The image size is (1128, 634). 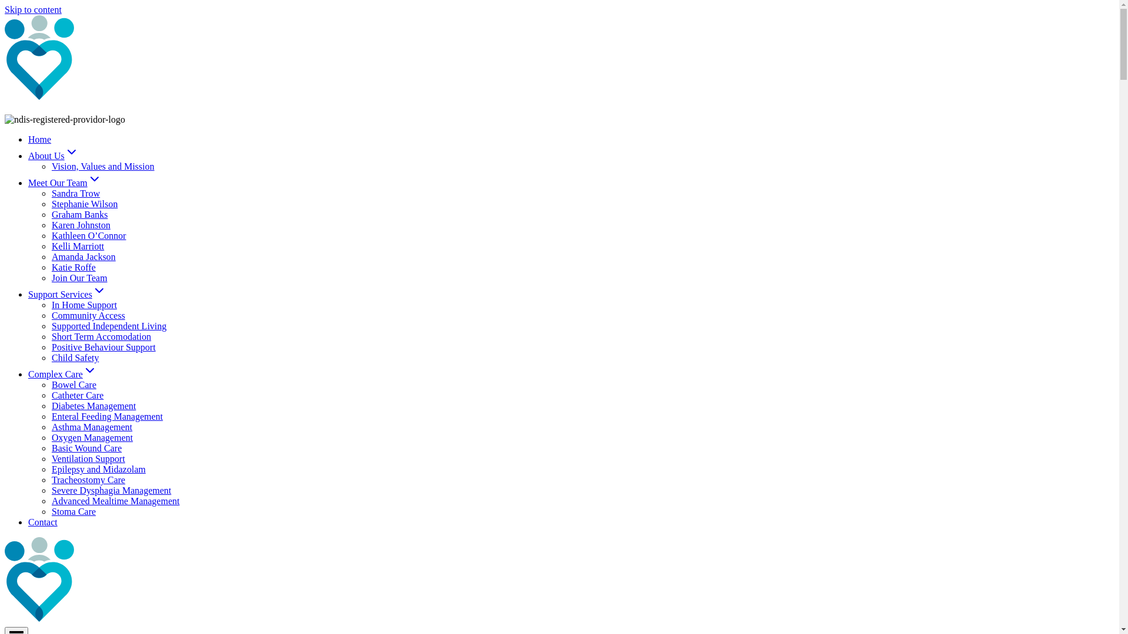 I want to click on 'Support ServicesExpand', so click(x=66, y=294).